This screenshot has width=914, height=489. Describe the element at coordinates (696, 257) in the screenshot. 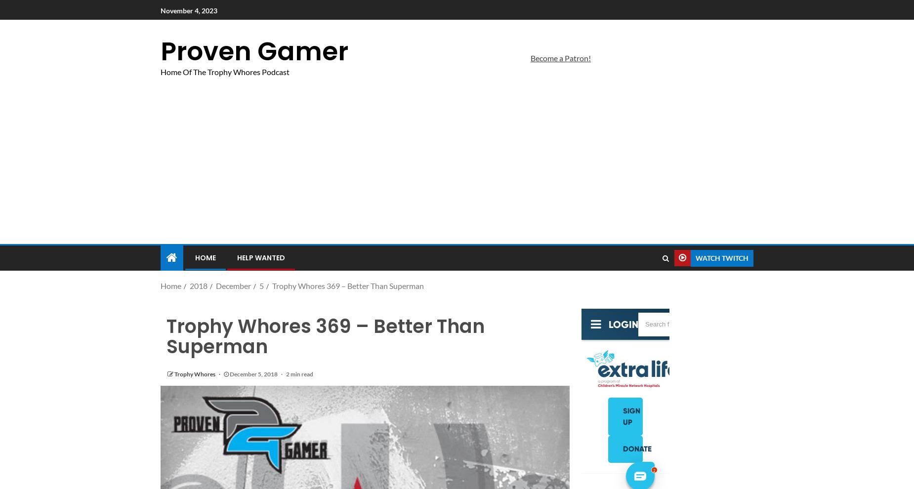

I see `'Watch Twitch'` at that location.